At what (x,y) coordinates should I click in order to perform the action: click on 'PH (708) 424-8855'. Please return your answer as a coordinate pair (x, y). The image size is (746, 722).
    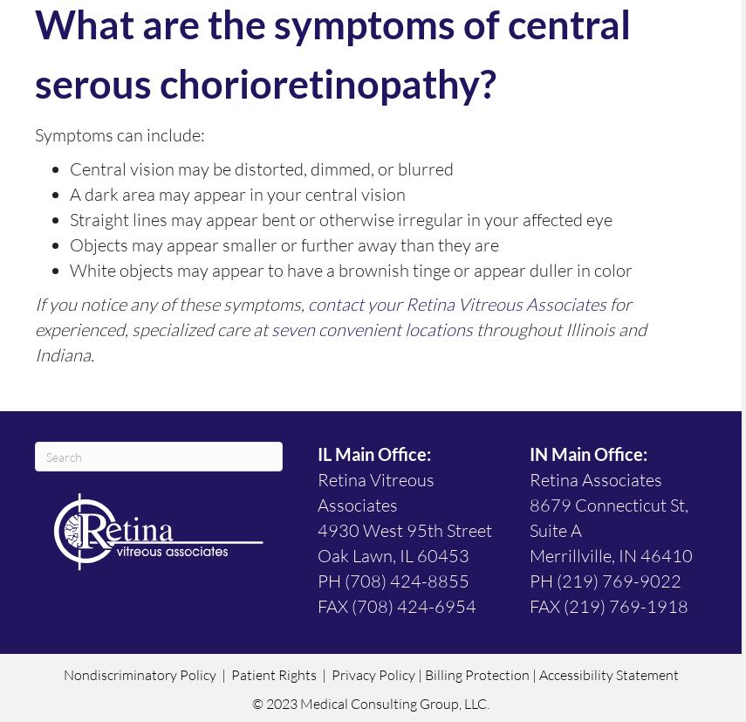
    Looking at the image, I should click on (393, 581).